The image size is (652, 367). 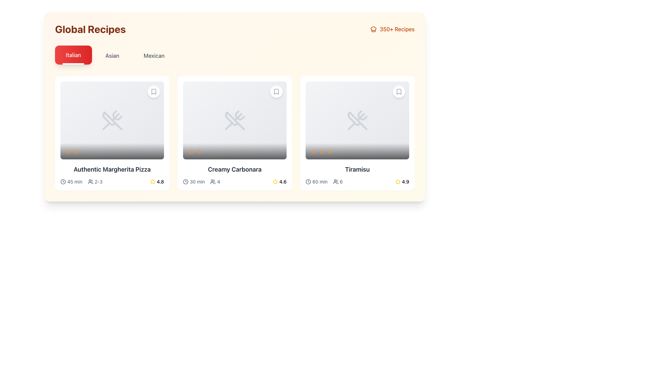 What do you see at coordinates (73, 55) in the screenshot?
I see `the category selector button labeled 'Italian'` at bounding box center [73, 55].